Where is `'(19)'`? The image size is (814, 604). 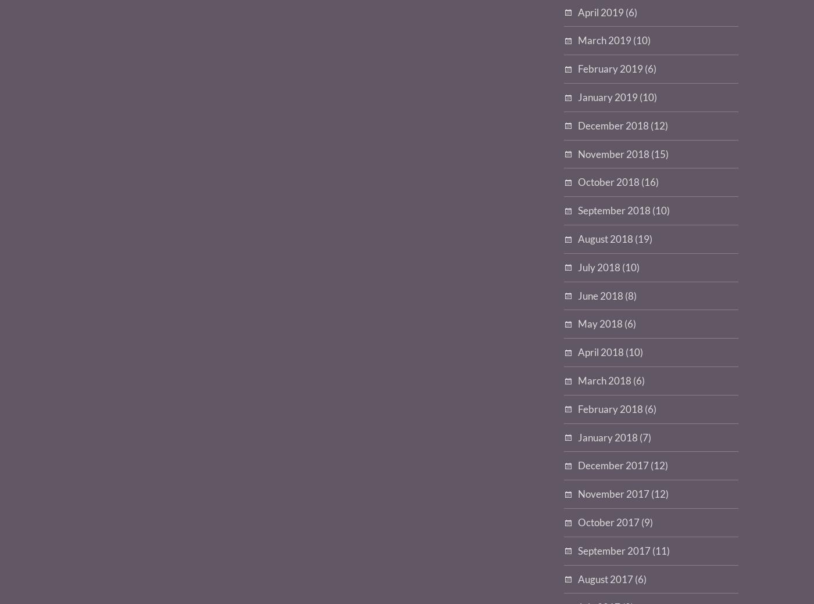 '(19)' is located at coordinates (642, 238).